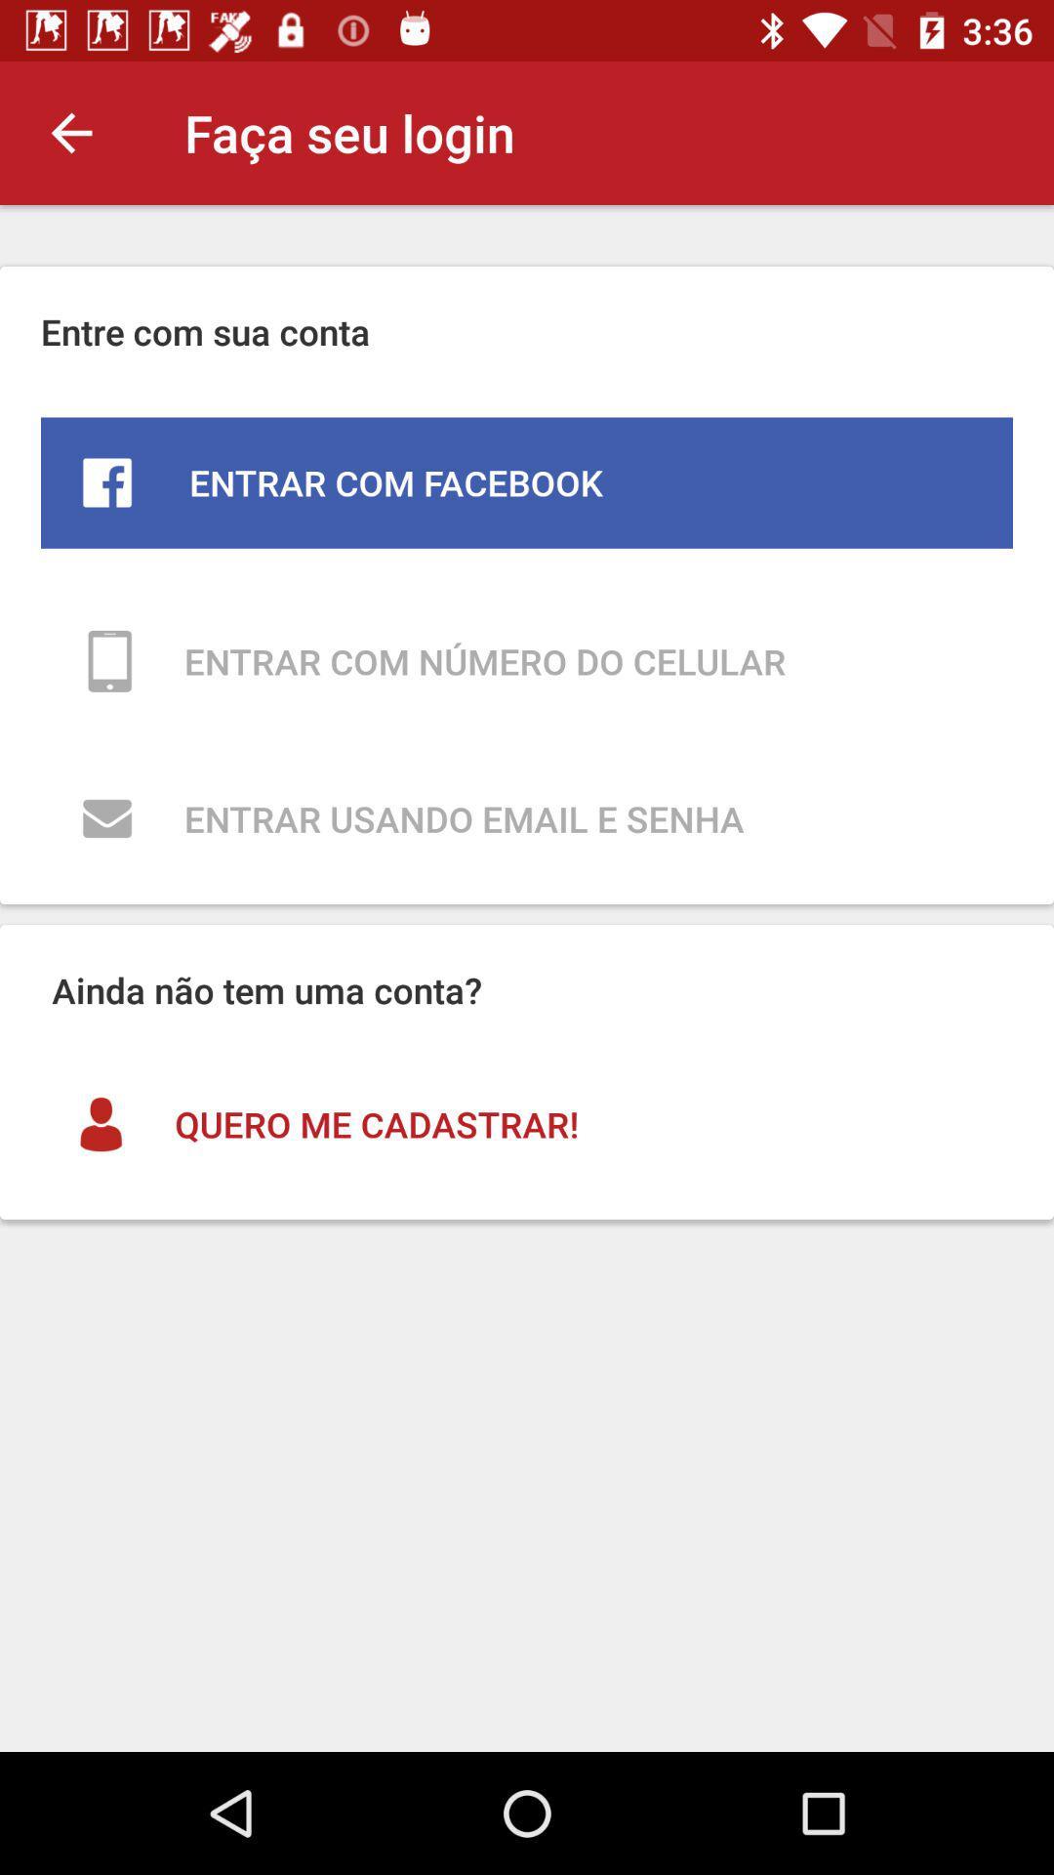  Describe the element at coordinates (70, 132) in the screenshot. I see `item above entre com sua icon` at that location.